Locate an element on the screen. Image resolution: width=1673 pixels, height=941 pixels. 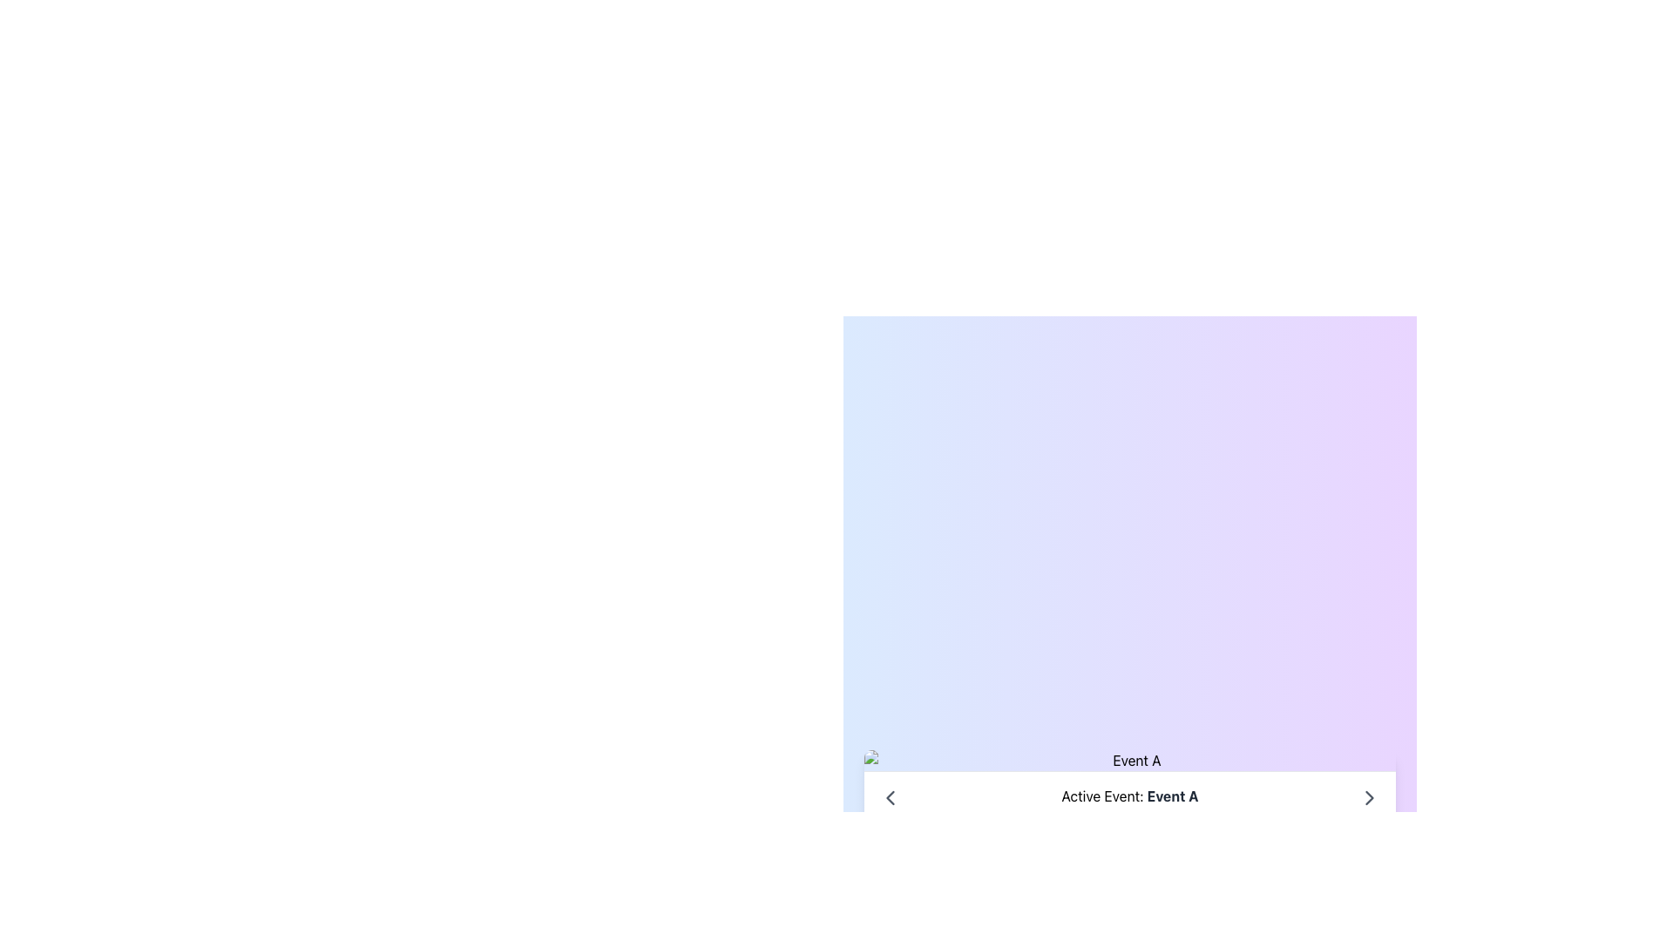
the navigation button located on the far right end of the bottom white bar is located at coordinates (1368, 796).